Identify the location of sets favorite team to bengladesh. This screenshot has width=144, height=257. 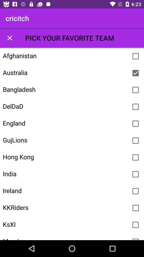
(135, 90).